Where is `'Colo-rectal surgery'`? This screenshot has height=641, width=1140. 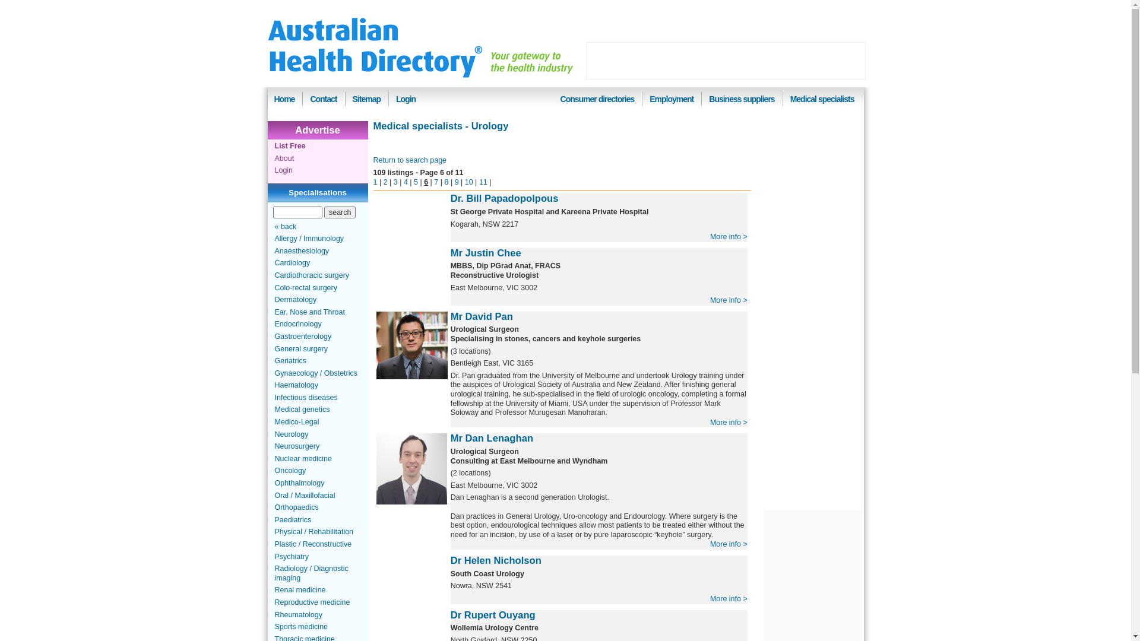 'Colo-rectal surgery' is located at coordinates (273, 288).